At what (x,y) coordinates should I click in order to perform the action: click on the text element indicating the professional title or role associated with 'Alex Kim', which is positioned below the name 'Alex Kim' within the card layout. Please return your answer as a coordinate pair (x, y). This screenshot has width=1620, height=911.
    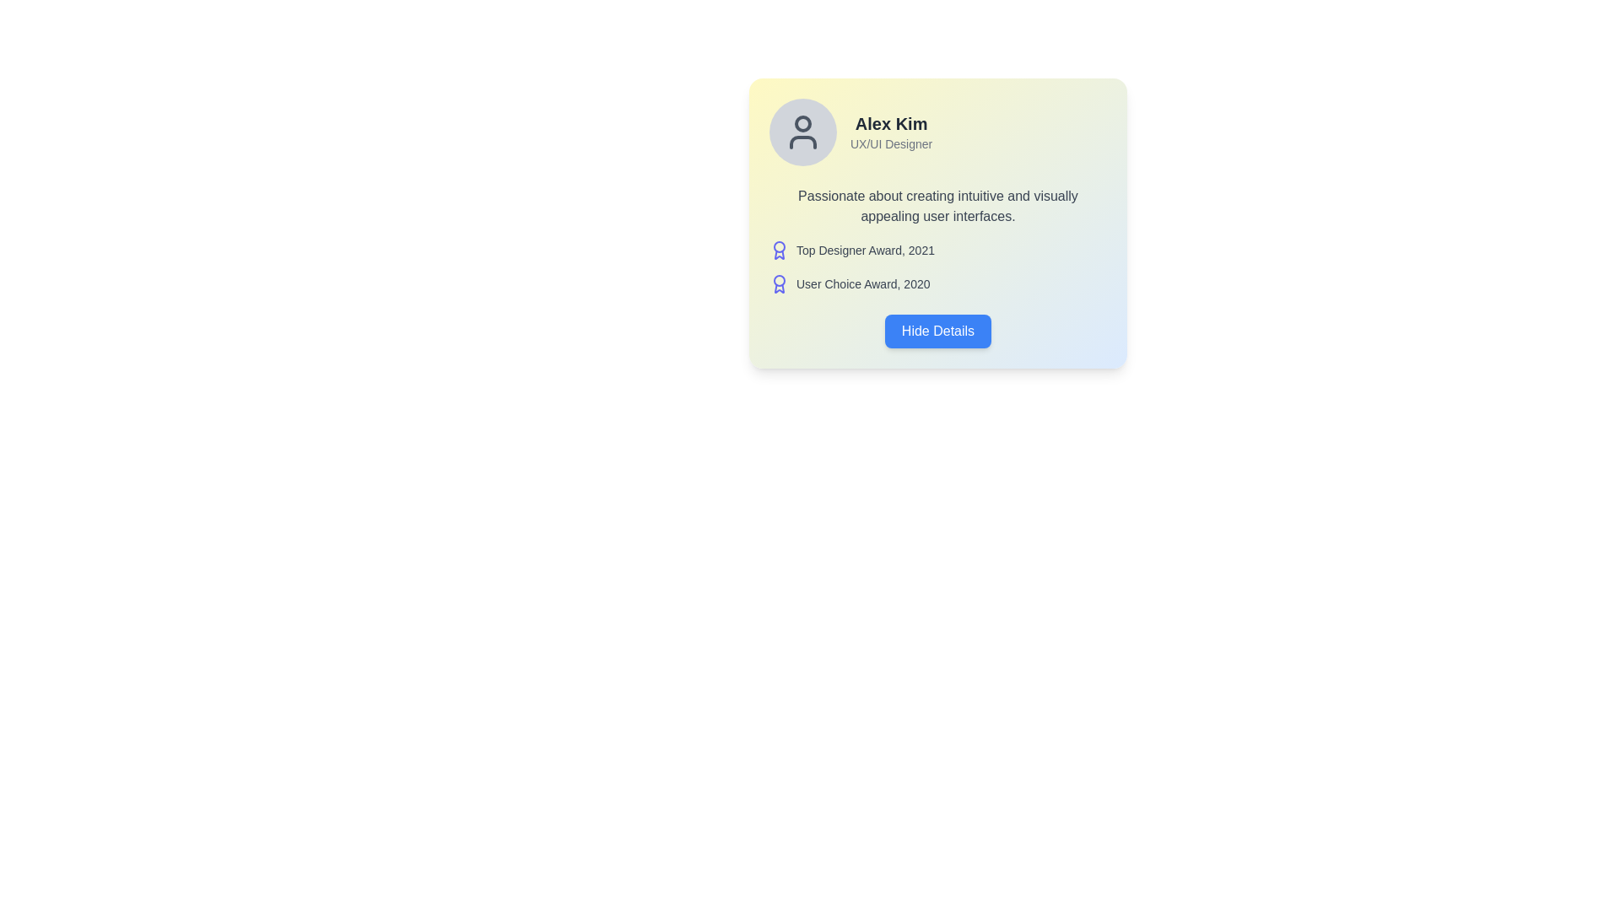
    Looking at the image, I should click on (890, 143).